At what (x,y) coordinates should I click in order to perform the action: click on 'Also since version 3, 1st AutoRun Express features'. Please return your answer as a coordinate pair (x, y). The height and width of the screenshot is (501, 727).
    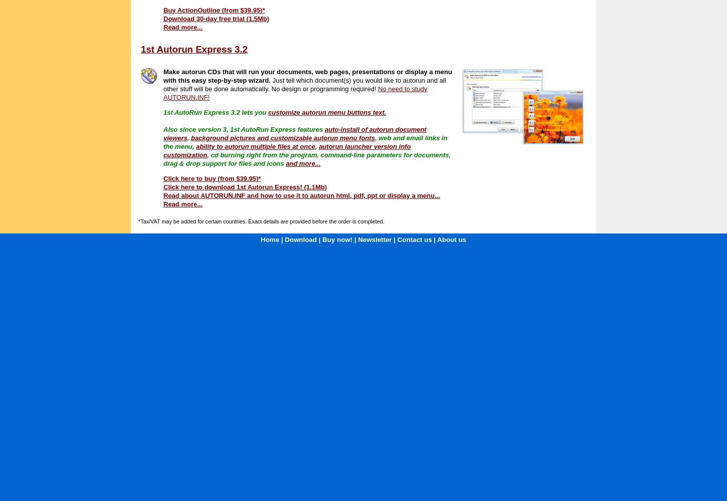
    Looking at the image, I should click on (244, 129).